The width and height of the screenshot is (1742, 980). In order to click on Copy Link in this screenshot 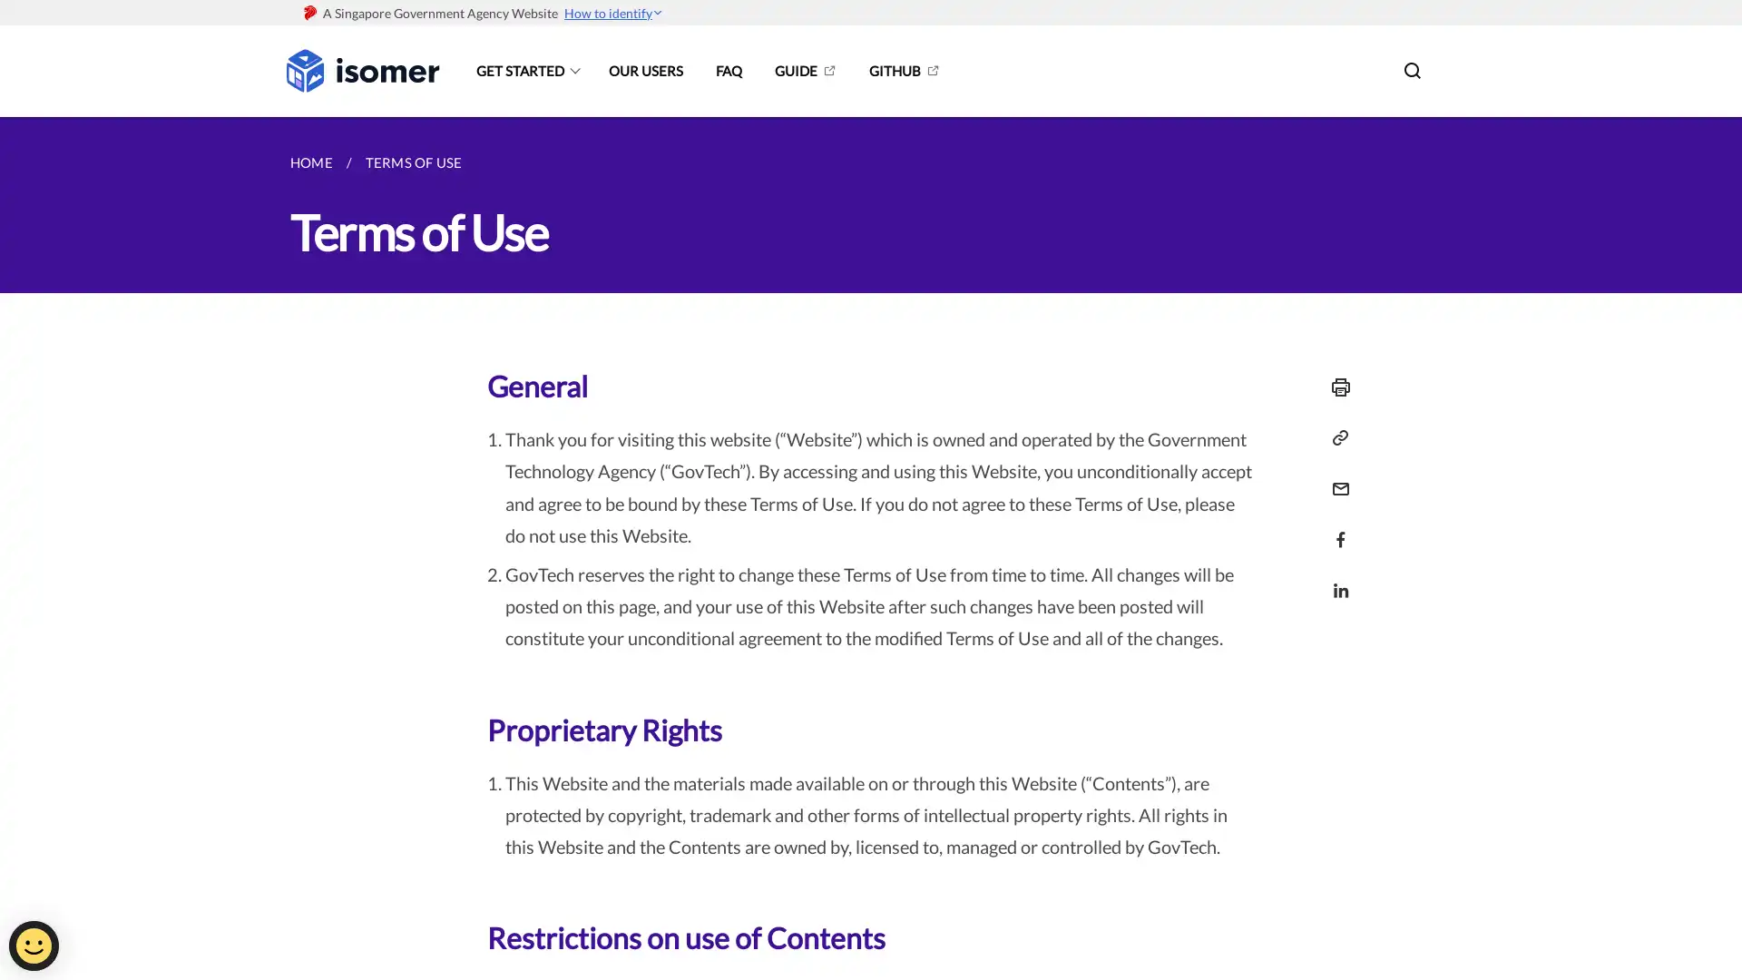, I will do `click(1336, 437)`.